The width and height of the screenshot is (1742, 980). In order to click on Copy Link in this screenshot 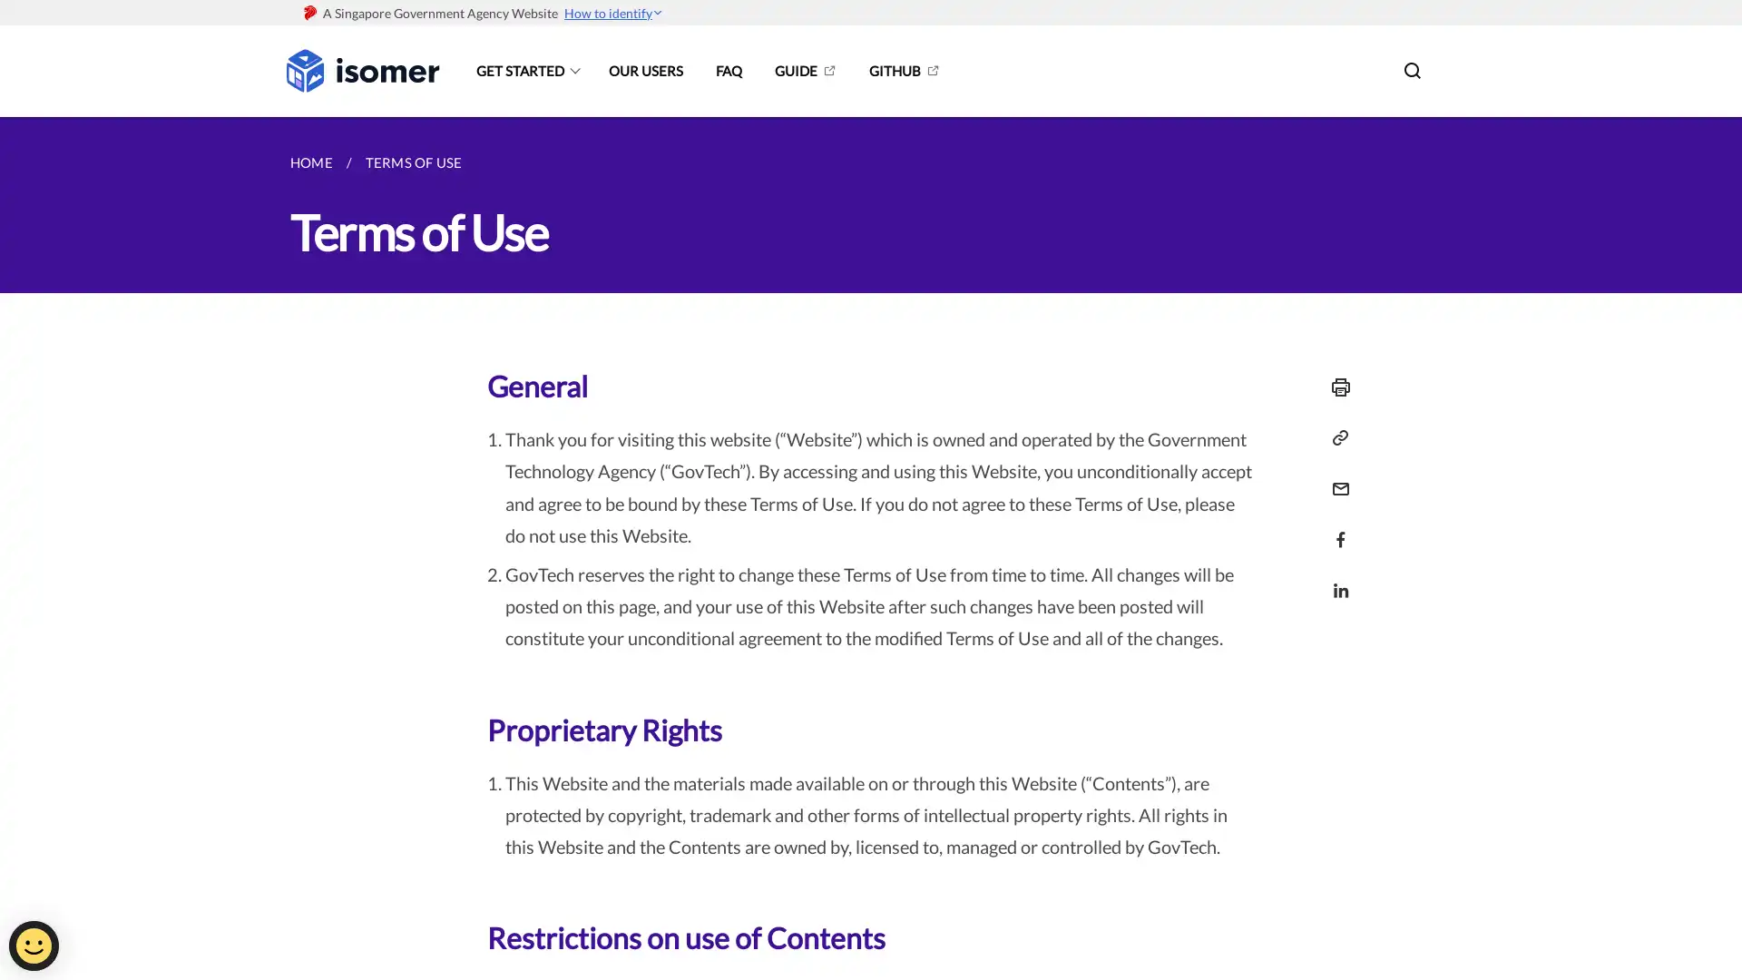, I will do `click(1336, 437)`.